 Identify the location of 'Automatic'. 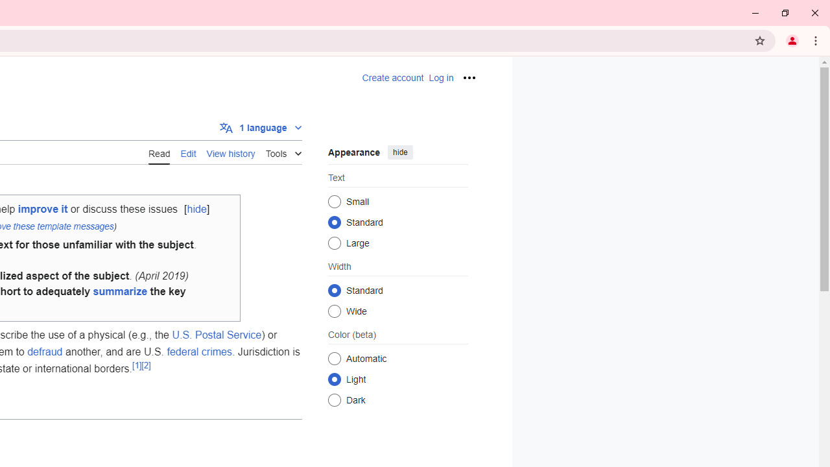
(334, 358).